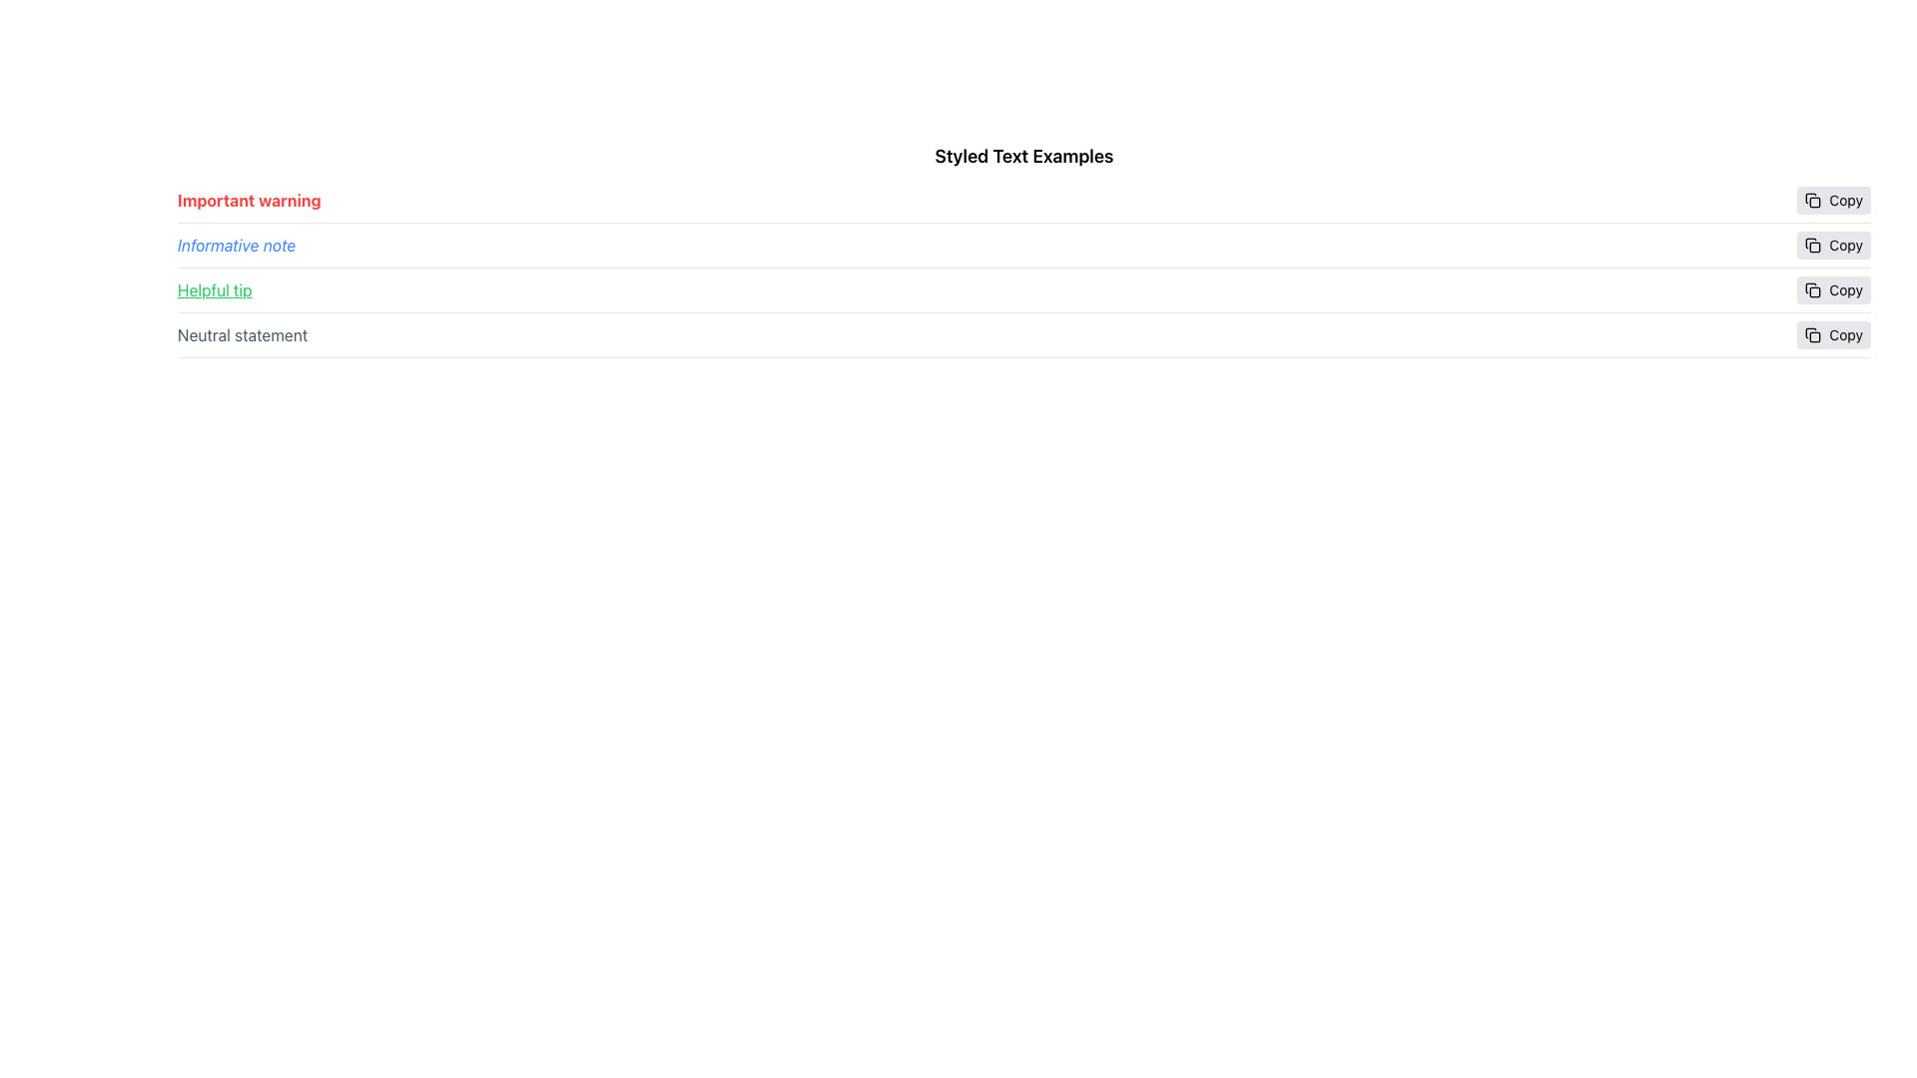  What do you see at coordinates (1815, 246) in the screenshot?
I see `the copy icon that contains a small rounded rectangle shape, located at the top-right of the interface, specifically associated with the 'Helpful tip' text entry` at bounding box center [1815, 246].